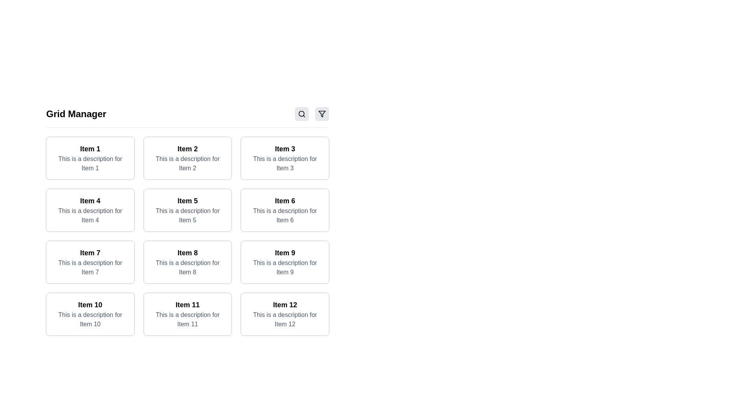 This screenshot has height=419, width=746. I want to click on the Informational Card displaying details about 'Item 10' located in the bottom-left corner of the grid to interact with it, so click(90, 314).